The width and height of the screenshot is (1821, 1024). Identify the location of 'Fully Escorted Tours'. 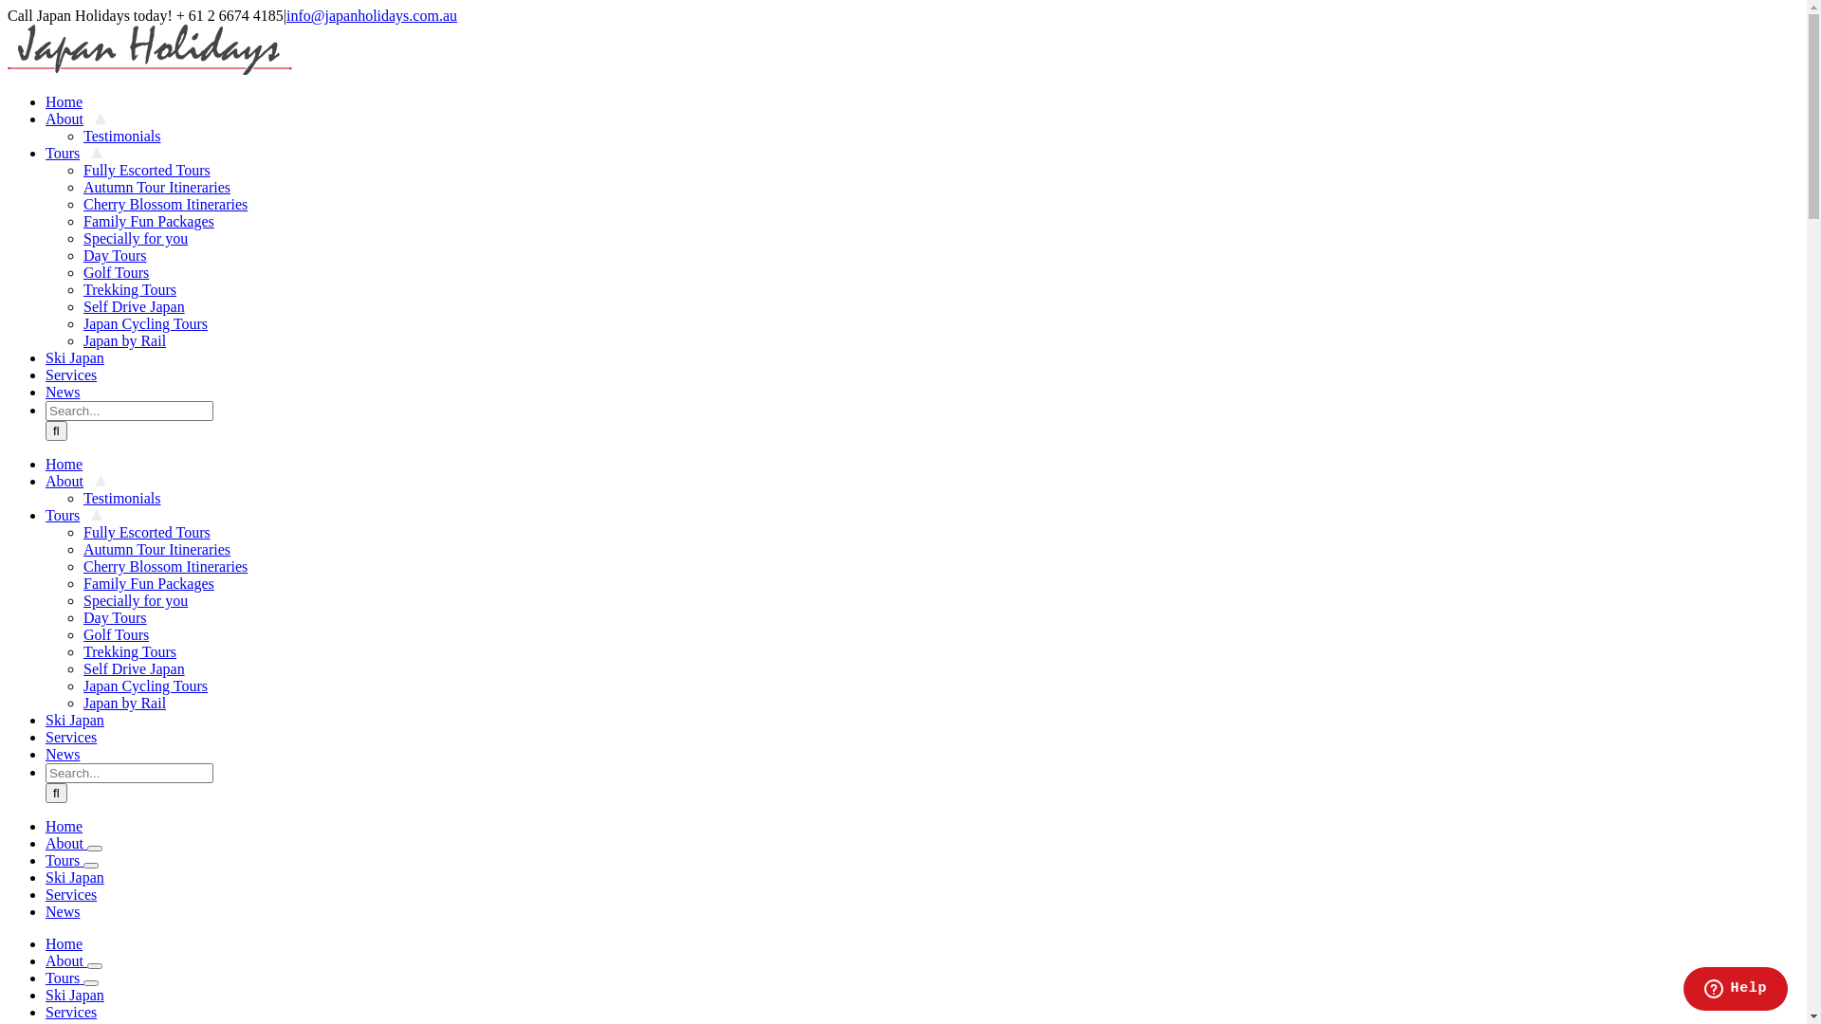
(145, 169).